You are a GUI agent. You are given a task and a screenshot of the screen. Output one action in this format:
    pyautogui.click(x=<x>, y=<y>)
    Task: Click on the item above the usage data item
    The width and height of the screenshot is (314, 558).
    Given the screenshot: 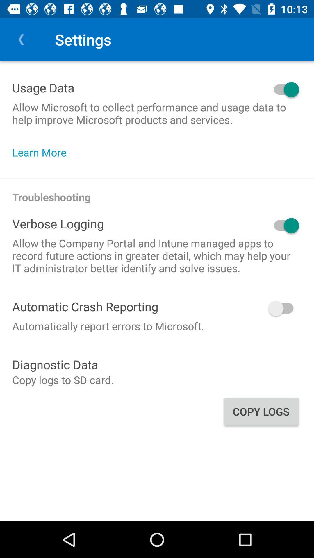 What is the action you would take?
    pyautogui.click(x=21, y=39)
    